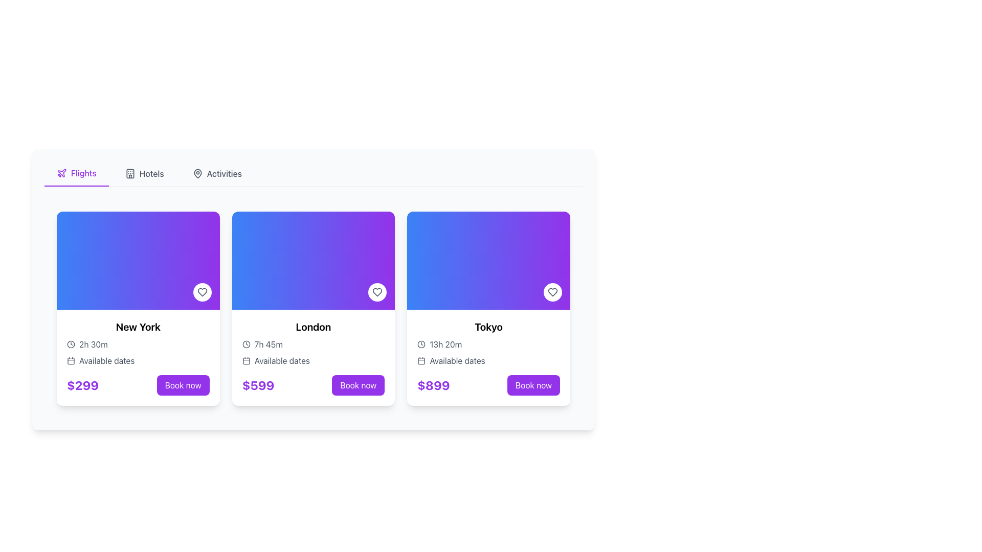 The image size is (982, 552). Describe the element at coordinates (183, 385) in the screenshot. I see `the purple 'Book now' button with rounded corners located at the bottom right corner of the leftmost card in the grid to initiate booking` at that location.